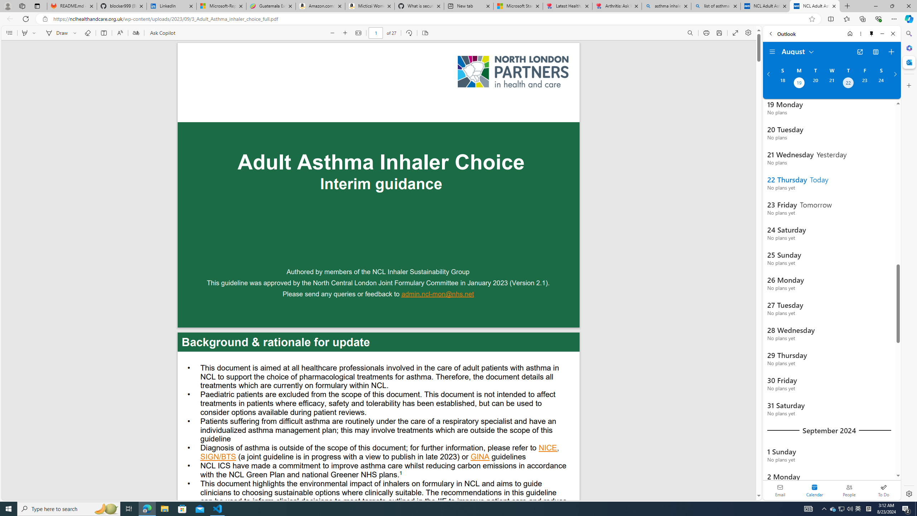 This screenshot has height=516, width=917. What do you see at coordinates (798, 51) in the screenshot?
I see `'August'` at bounding box center [798, 51].